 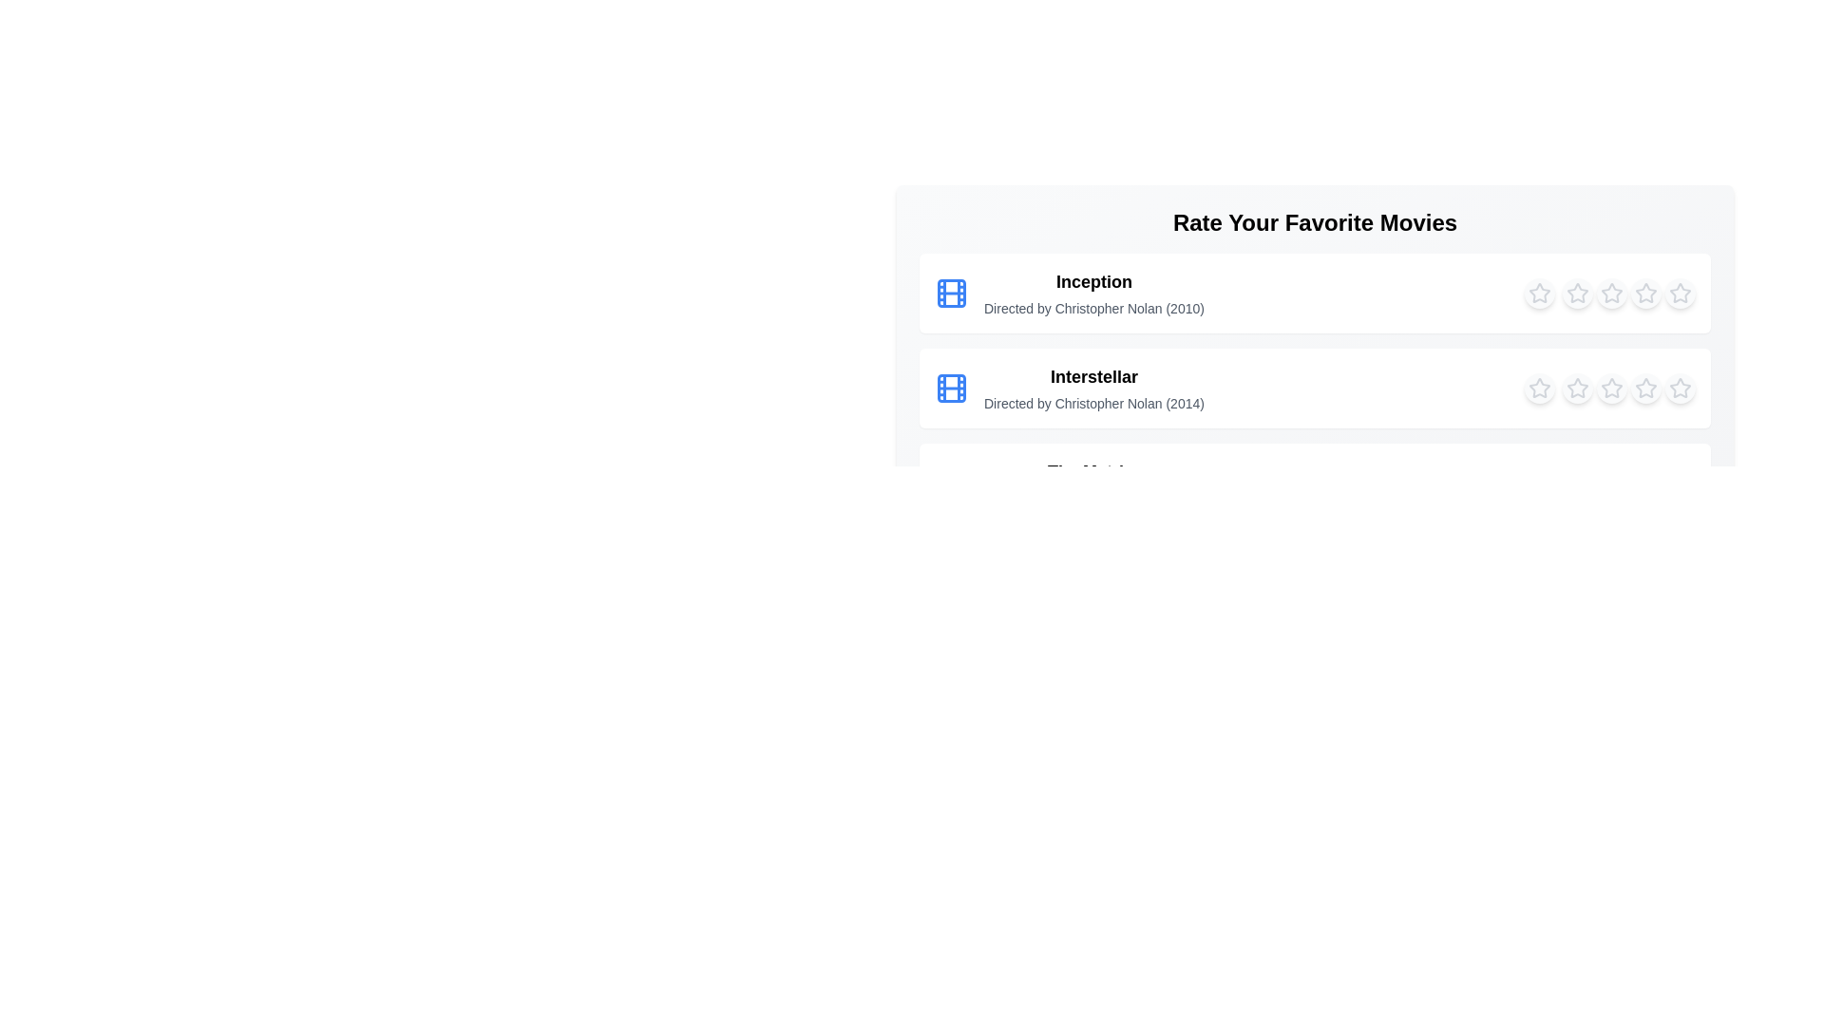 I want to click on the 2 star to highlight it, so click(x=1577, y=293).